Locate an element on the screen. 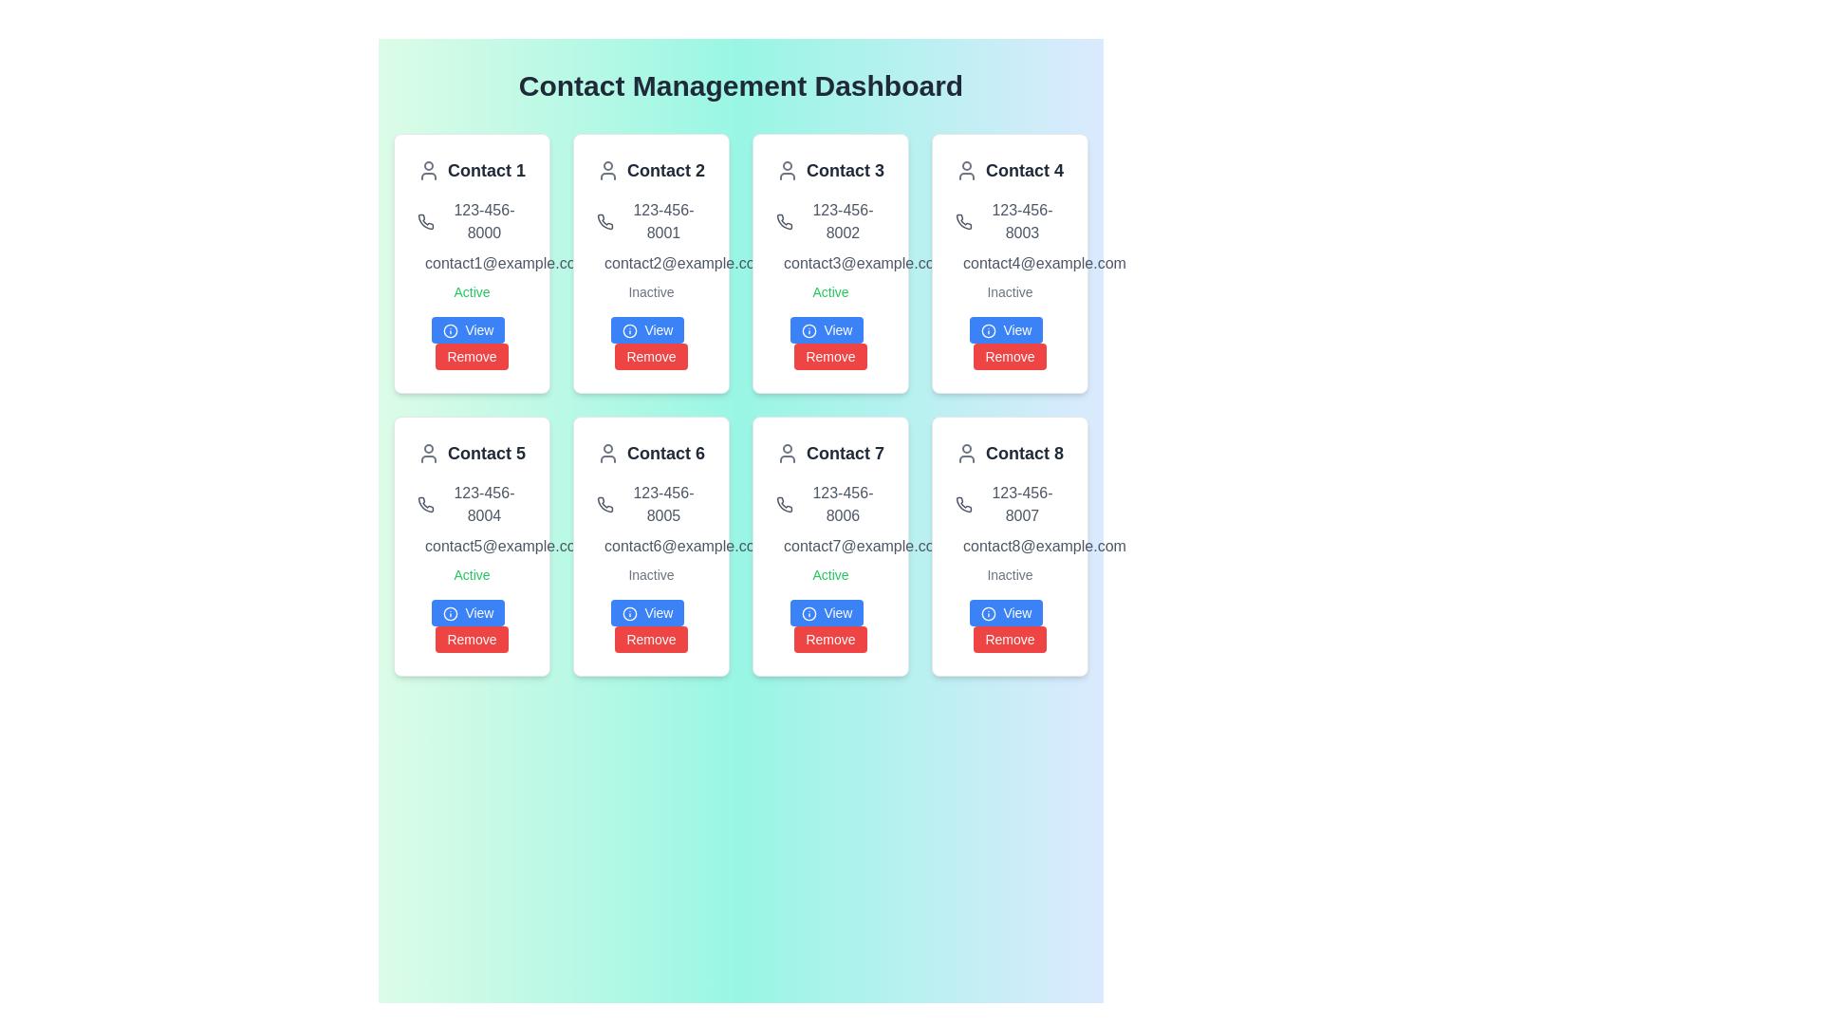  the information icon SVG graphic located within the 'View' button in the first card of the top row, next to the text 'View' is located at coordinates (449, 330).